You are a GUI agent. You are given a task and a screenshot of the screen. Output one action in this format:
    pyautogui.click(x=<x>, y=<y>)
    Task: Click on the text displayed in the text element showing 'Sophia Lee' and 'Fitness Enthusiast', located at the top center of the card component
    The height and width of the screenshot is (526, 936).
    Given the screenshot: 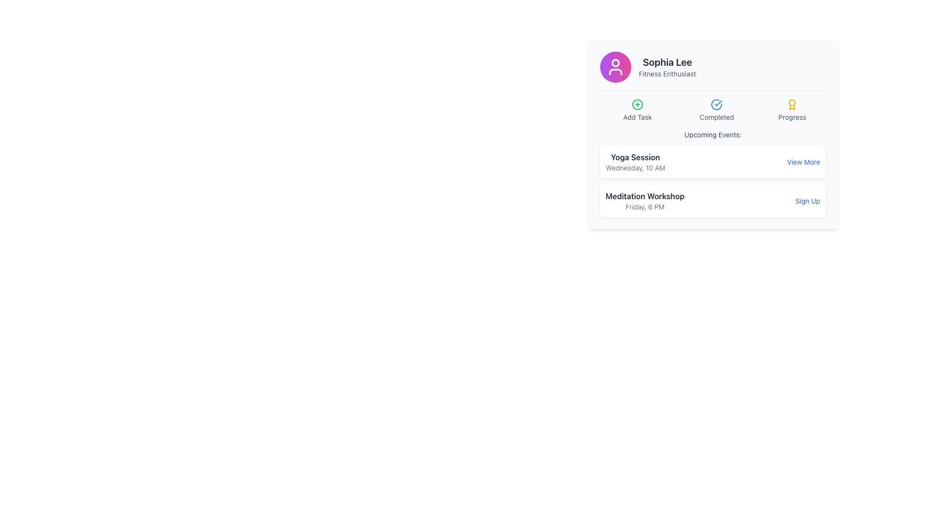 What is the action you would take?
    pyautogui.click(x=667, y=67)
    